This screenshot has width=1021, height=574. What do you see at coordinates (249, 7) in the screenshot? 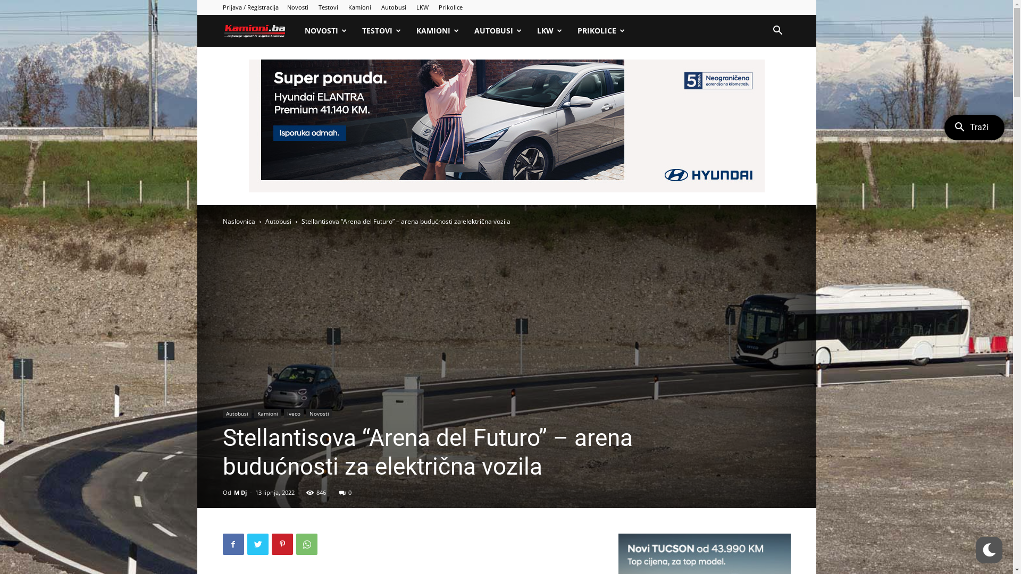
I see `'Prijava / Registracija'` at bounding box center [249, 7].